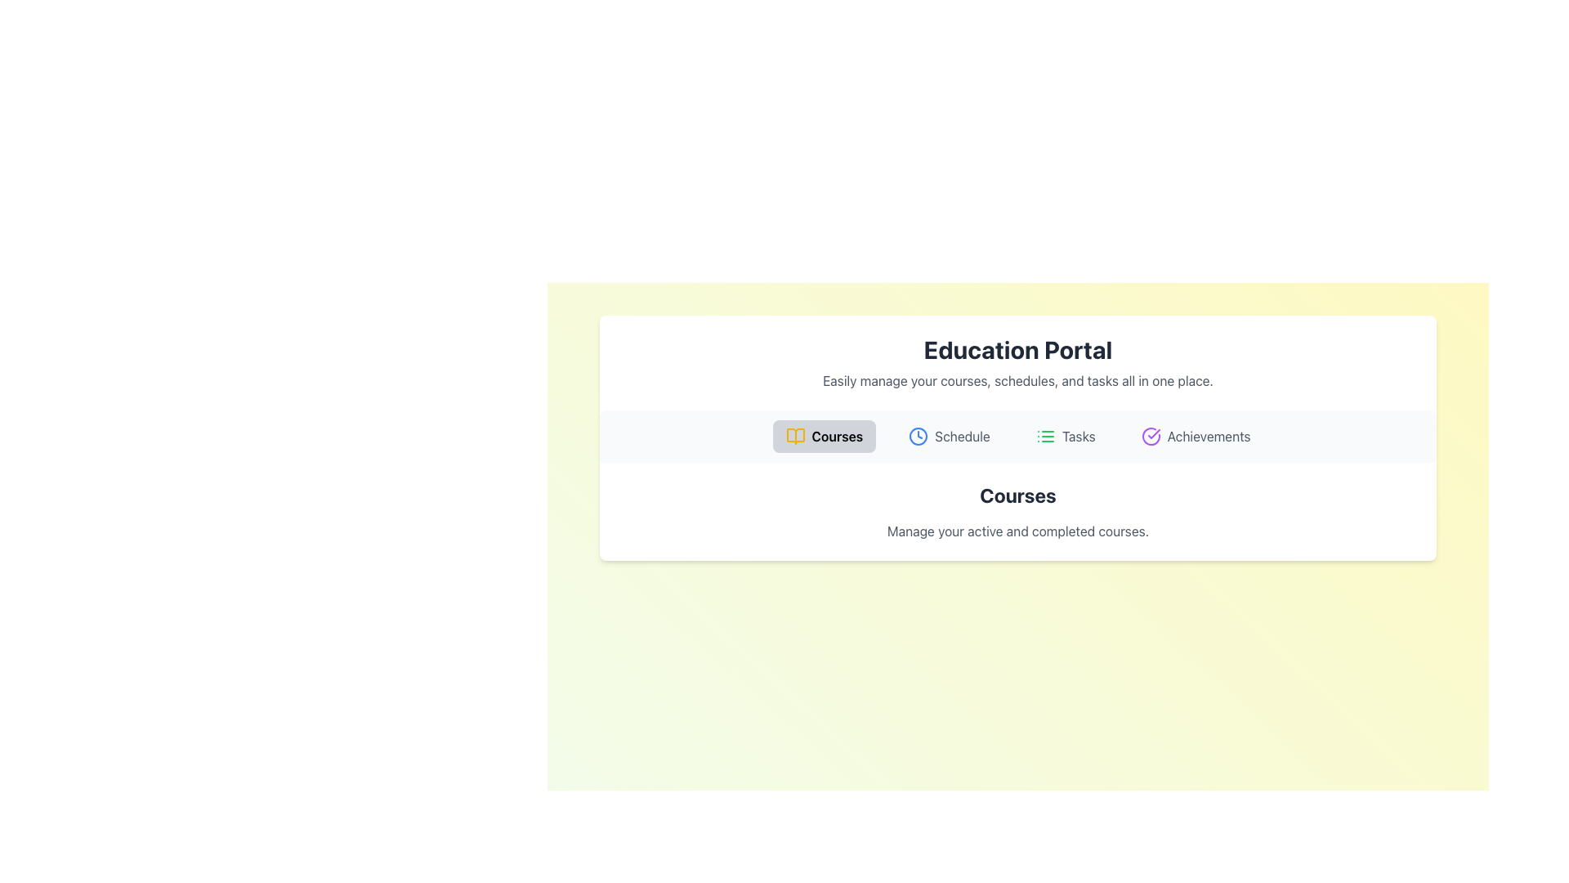 This screenshot has width=1569, height=883. I want to click on text of the heading and paragraph element introducing the 'Courses' section, located centrally below the navigation bar, so click(1017, 510).